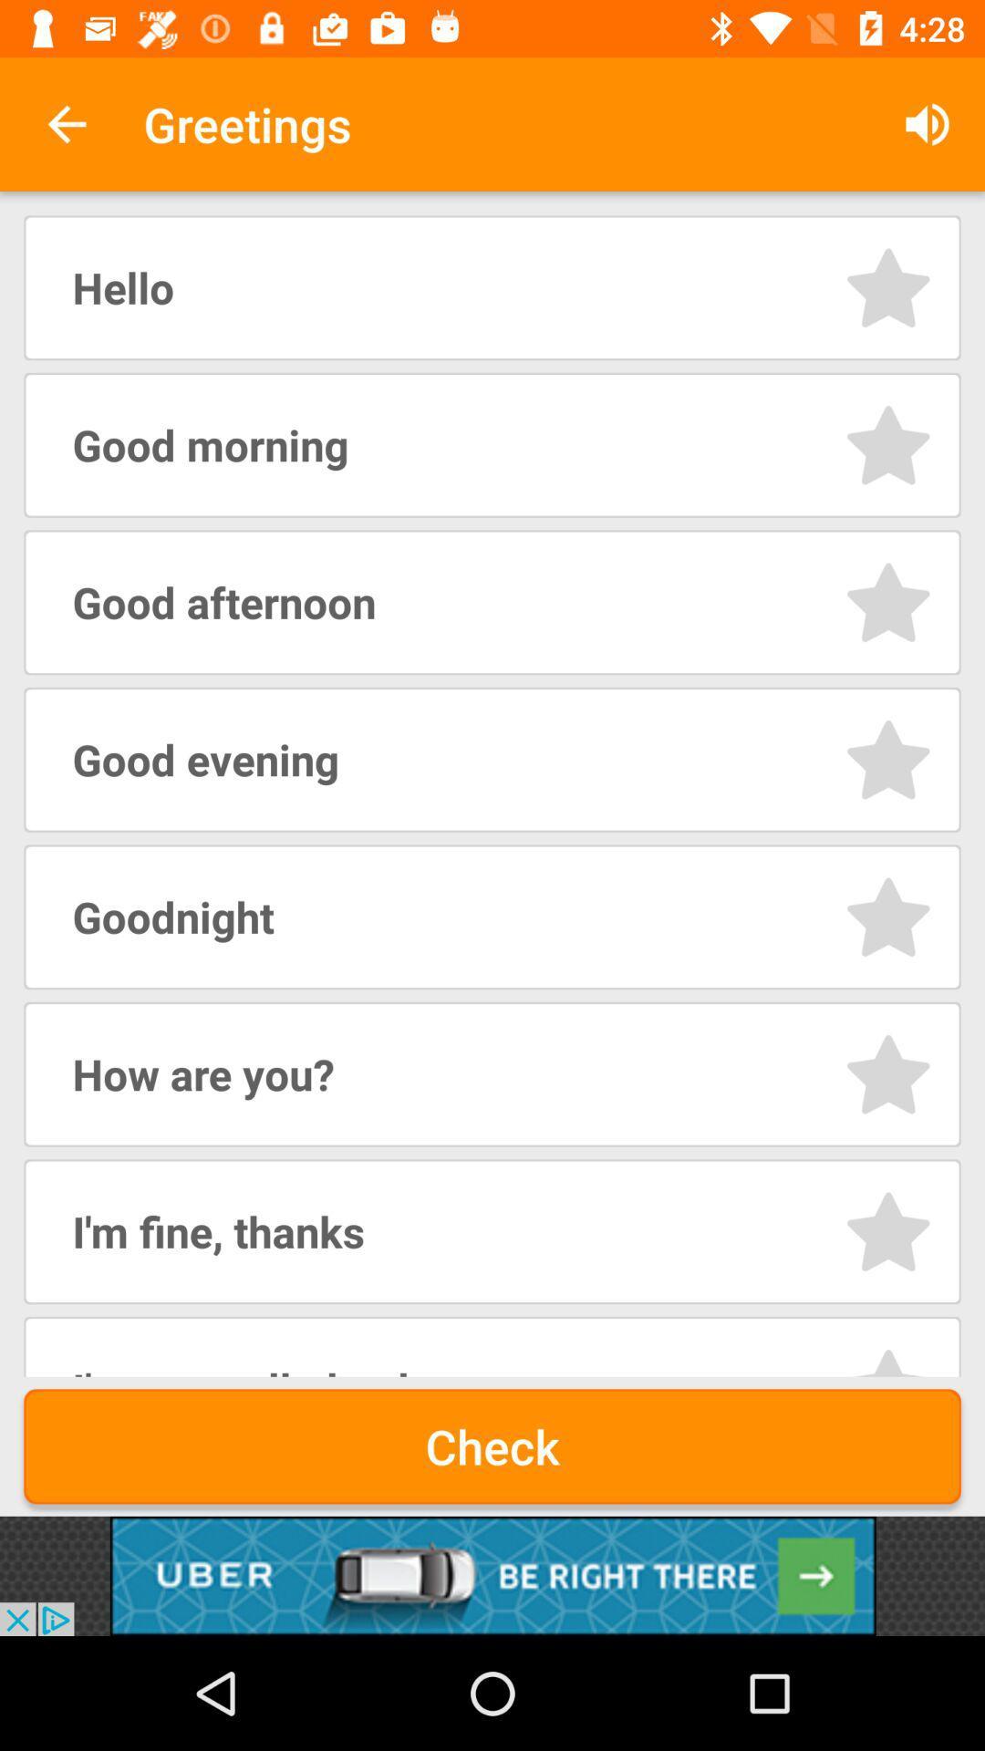 Image resolution: width=985 pixels, height=1751 pixels. Describe the element at coordinates (887, 1231) in the screenshot. I see `star` at that location.